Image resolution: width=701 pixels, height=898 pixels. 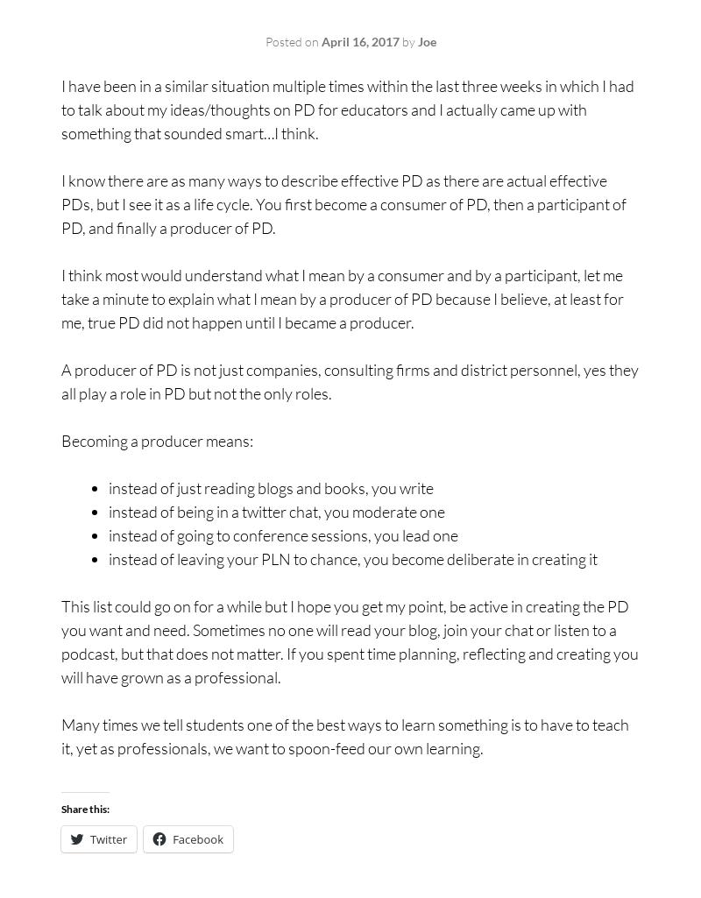 What do you see at coordinates (407, 41) in the screenshot?
I see `'by'` at bounding box center [407, 41].